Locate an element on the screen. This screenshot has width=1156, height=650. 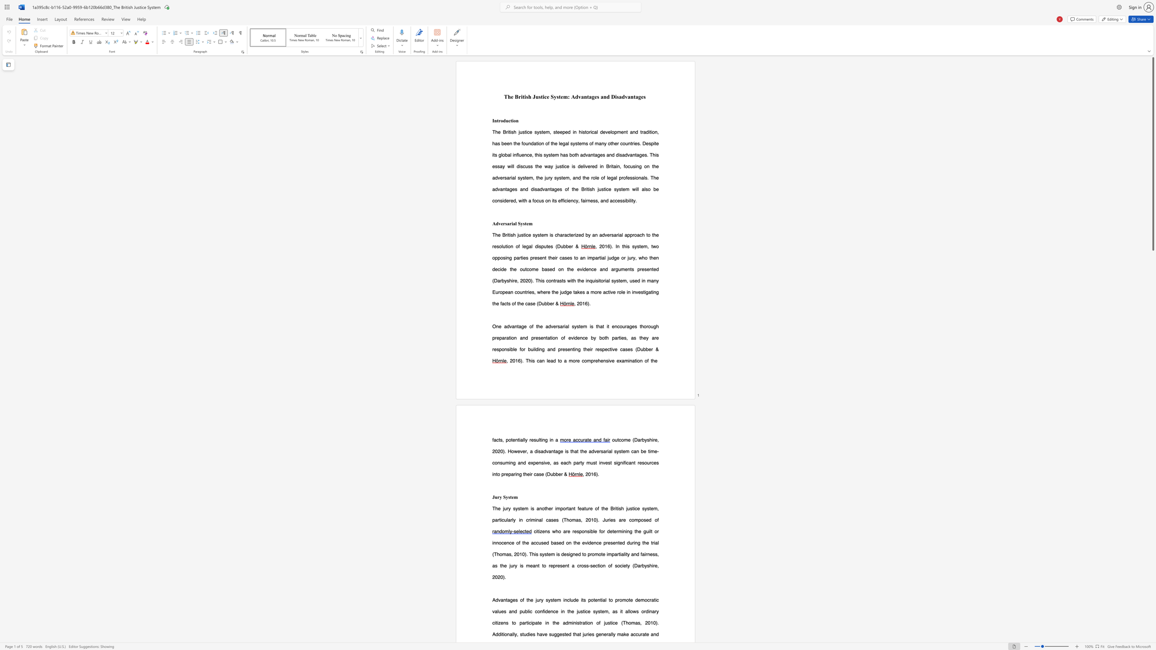
the 5th character "a" in the text is located at coordinates (629, 96).